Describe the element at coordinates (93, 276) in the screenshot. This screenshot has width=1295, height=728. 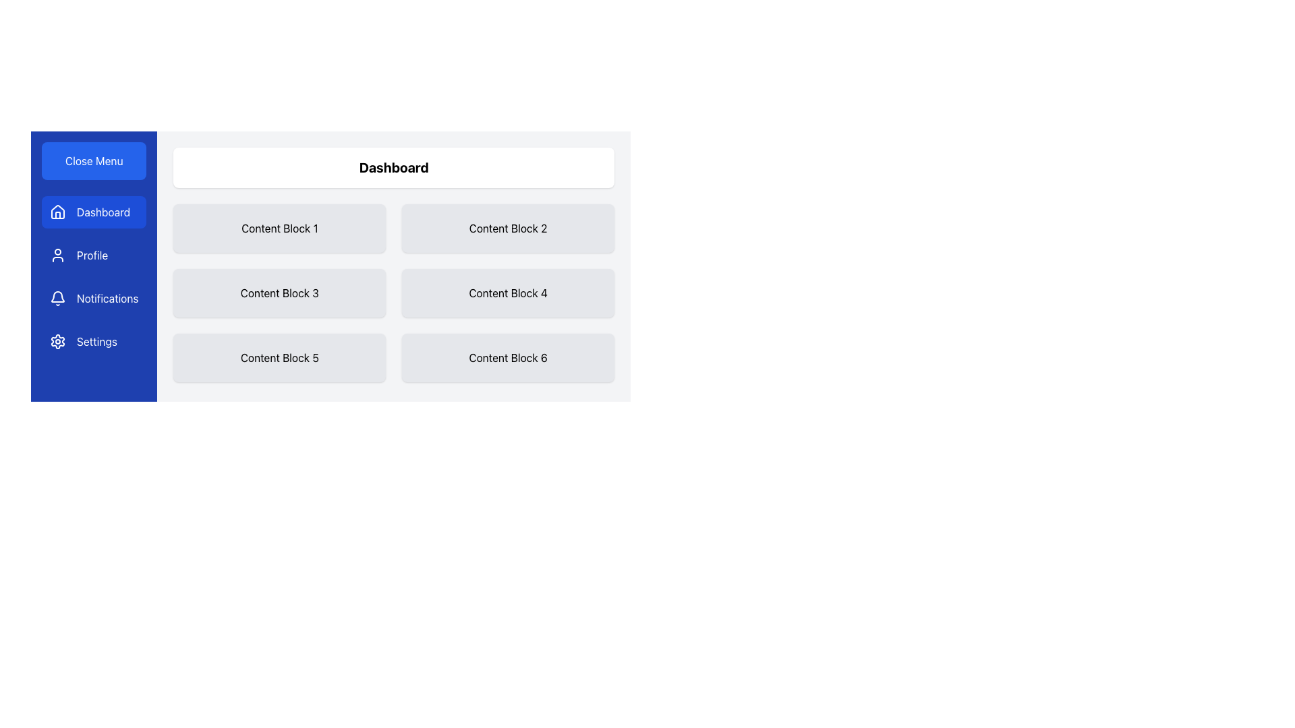
I see `the Navigation Menu located in the sidebar` at that location.